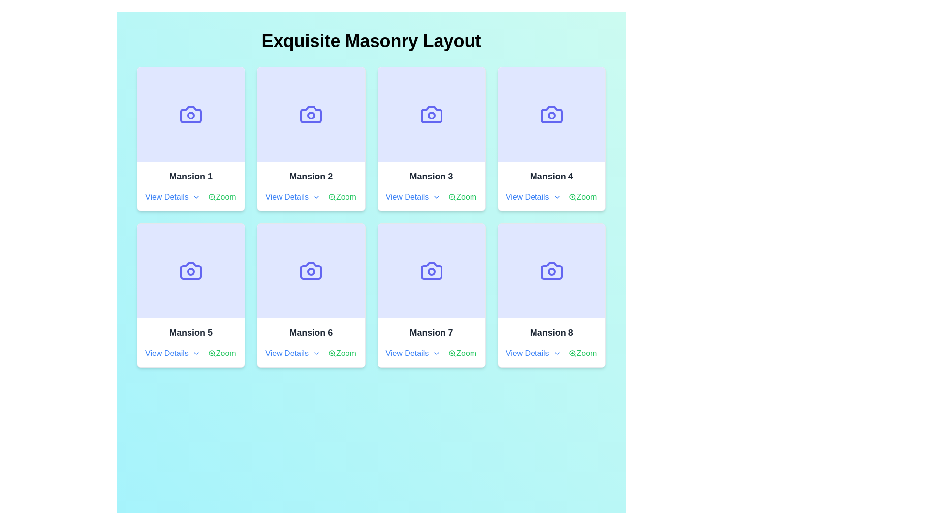  What do you see at coordinates (311, 271) in the screenshot?
I see `the camera-related icon located on the sixth card in the grid layout, centered in the upper section of the card` at bounding box center [311, 271].